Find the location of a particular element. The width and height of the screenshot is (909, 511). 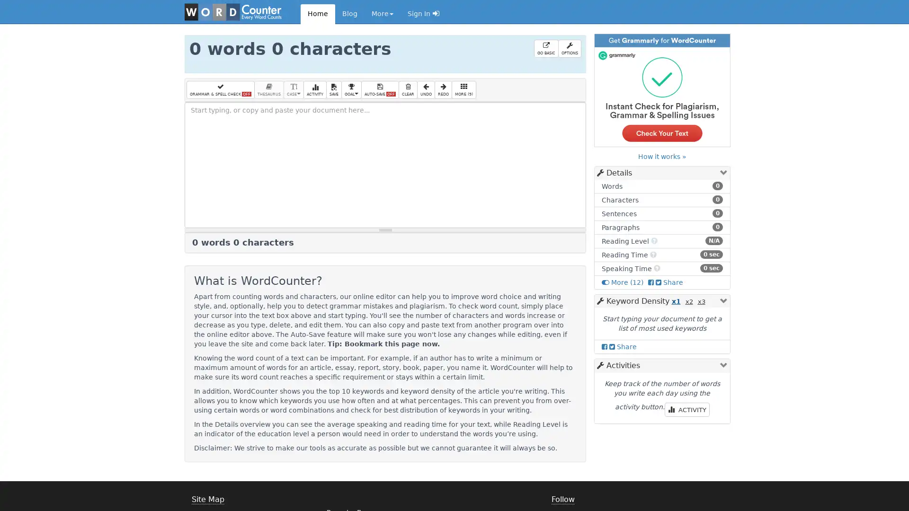

REDO is located at coordinates (443, 89).